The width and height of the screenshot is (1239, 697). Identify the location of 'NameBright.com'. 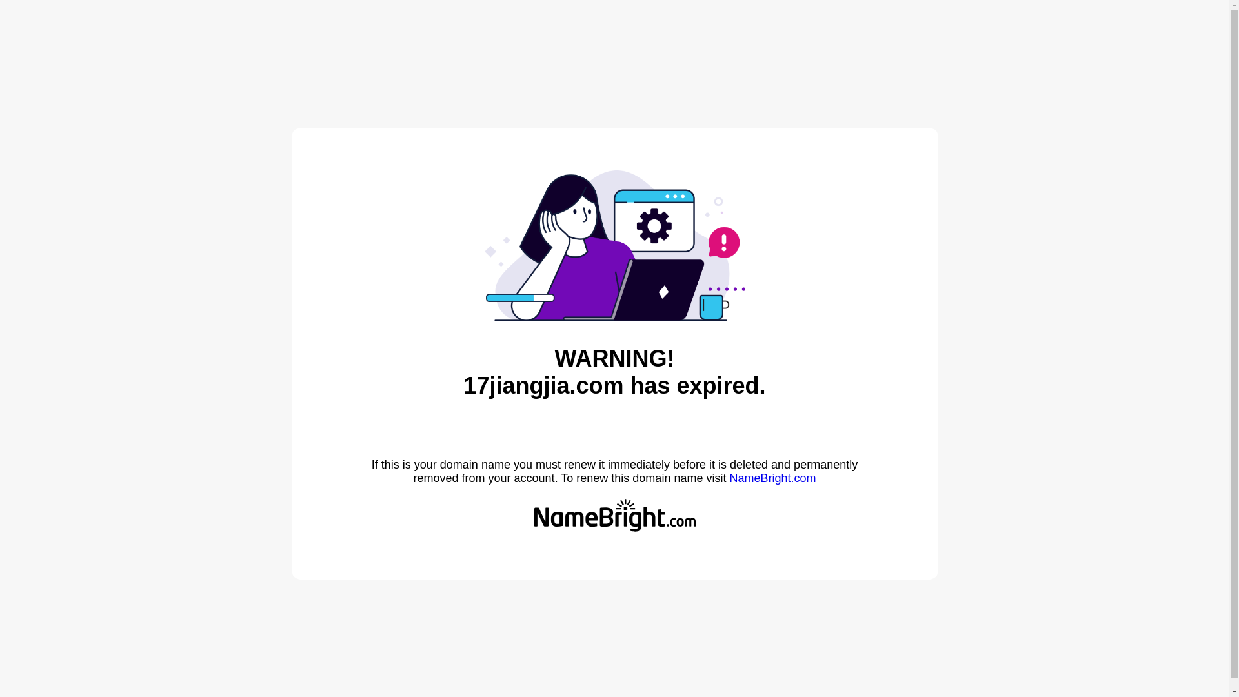
(772, 478).